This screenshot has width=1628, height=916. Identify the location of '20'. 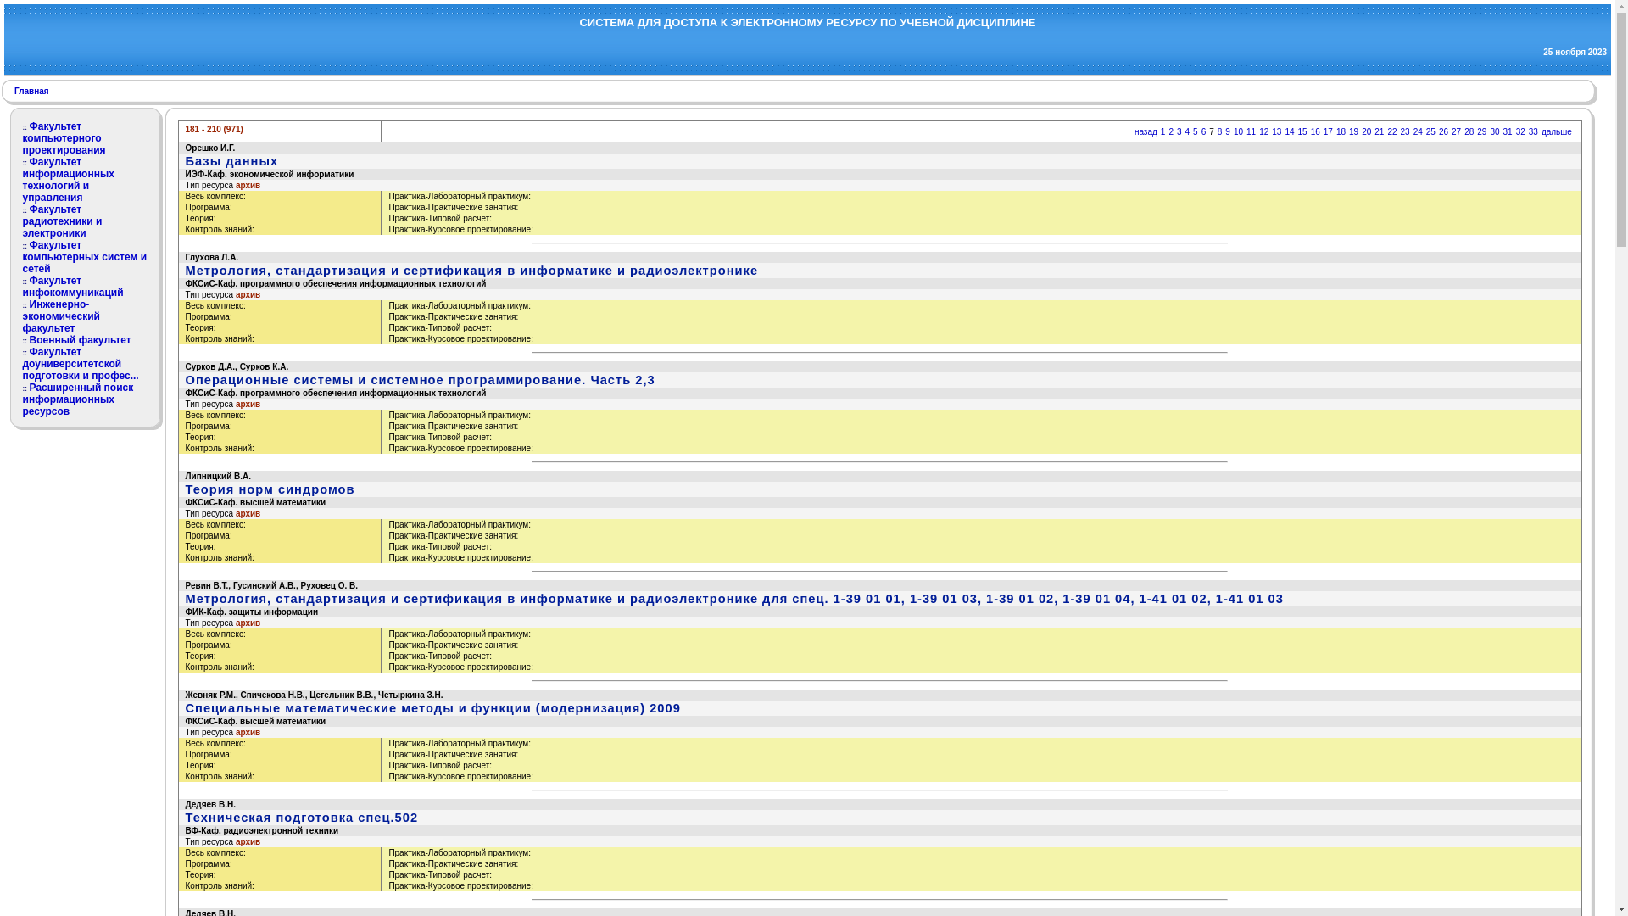
(1362, 131).